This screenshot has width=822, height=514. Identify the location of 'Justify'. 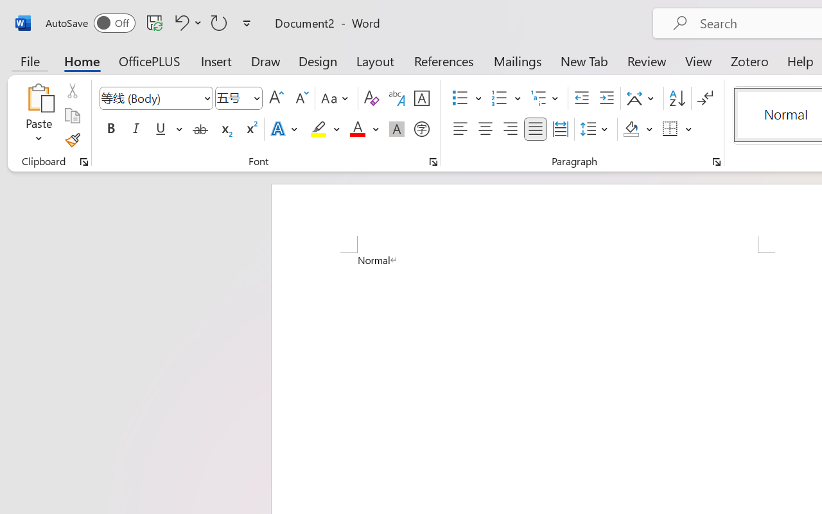
(536, 129).